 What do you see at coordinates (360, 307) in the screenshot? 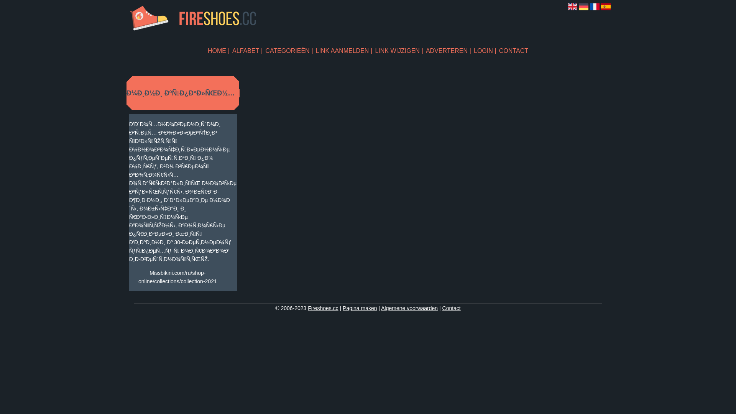
I see `'Pagina maken'` at bounding box center [360, 307].